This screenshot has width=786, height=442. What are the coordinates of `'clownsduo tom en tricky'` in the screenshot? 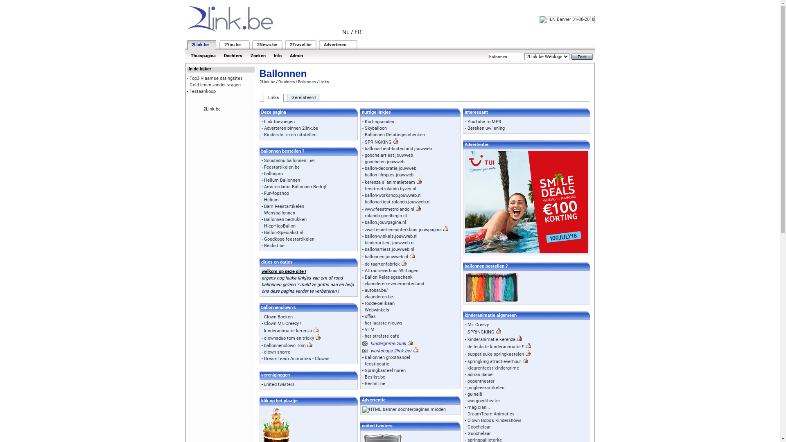 It's located at (289, 338).